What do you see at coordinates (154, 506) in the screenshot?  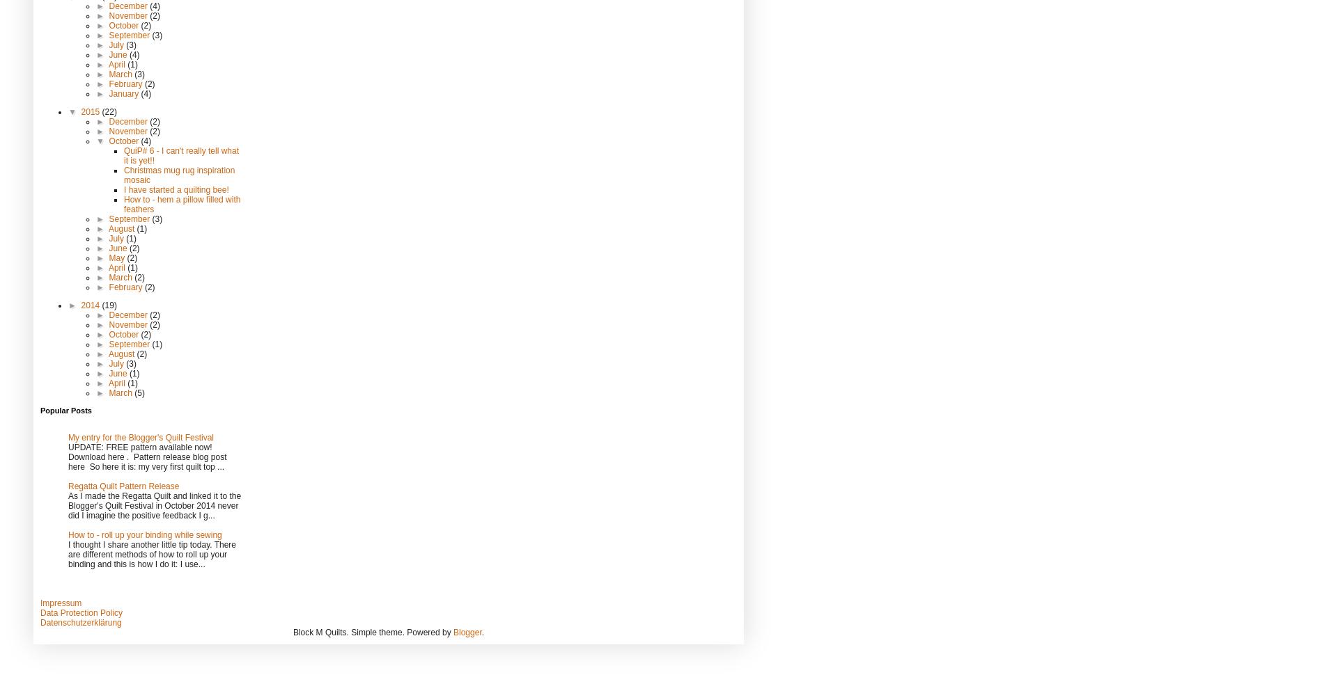 I see `'As I made the Regatta Quilt and linked it to the Blogger's Quilt Festival in October 2014  never did I imagine the positive feedback I g...'` at bounding box center [154, 506].